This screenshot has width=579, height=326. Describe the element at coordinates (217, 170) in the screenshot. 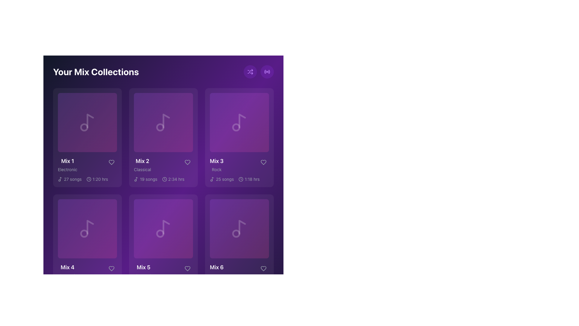

I see `the text label displaying 'Rock' located beneath the title 'Mix 3' in the card layout` at that location.